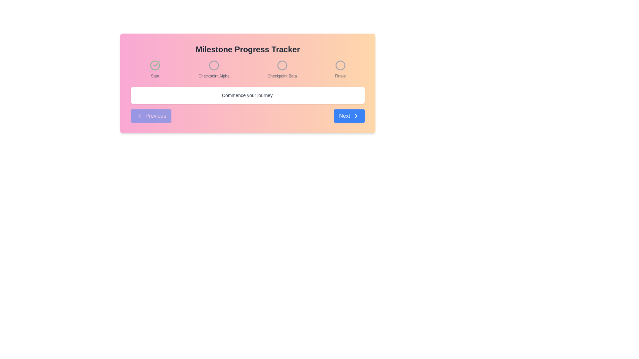 The image size is (639, 359). What do you see at coordinates (340, 65) in the screenshot?
I see `the milestone icon labeled 'Finale,' which is the fourth element in a horizontal sequence of milestone indicators at the center-top of the card` at bounding box center [340, 65].